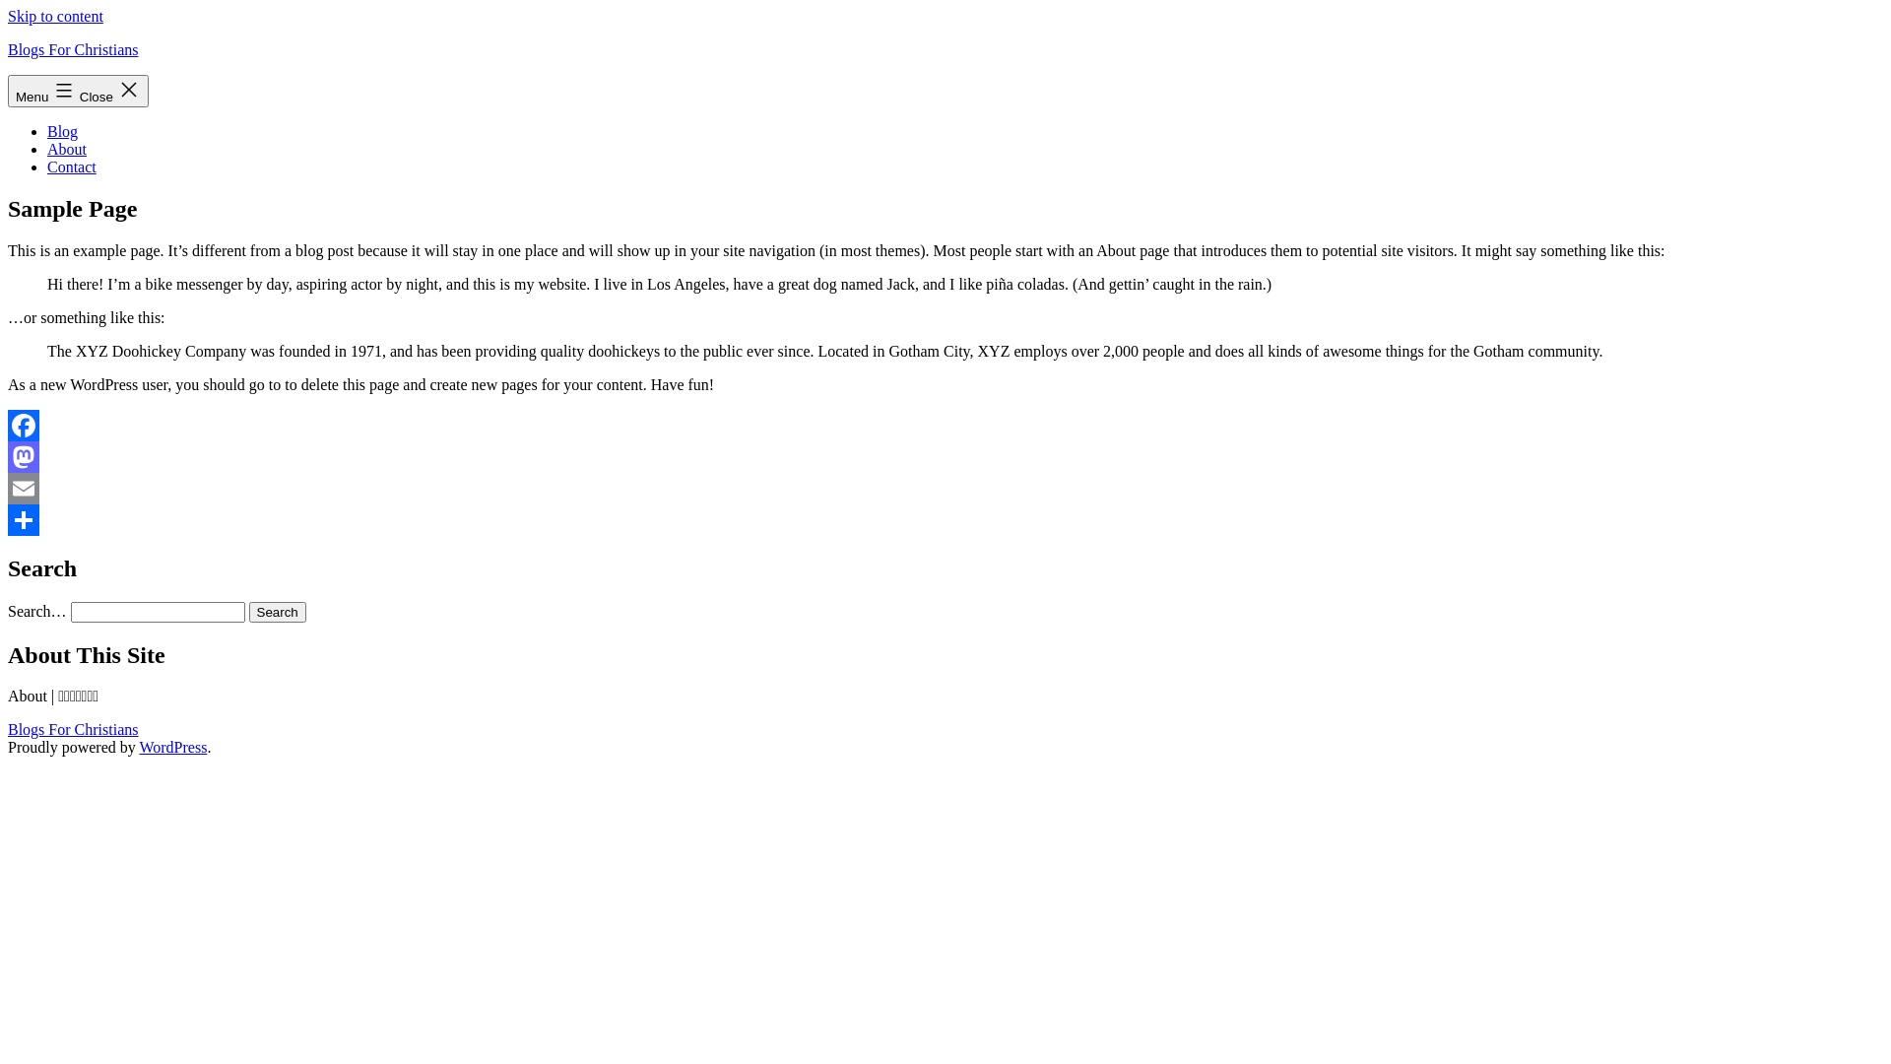  What do you see at coordinates (277, 611) in the screenshot?
I see `'Search'` at bounding box center [277, 611].